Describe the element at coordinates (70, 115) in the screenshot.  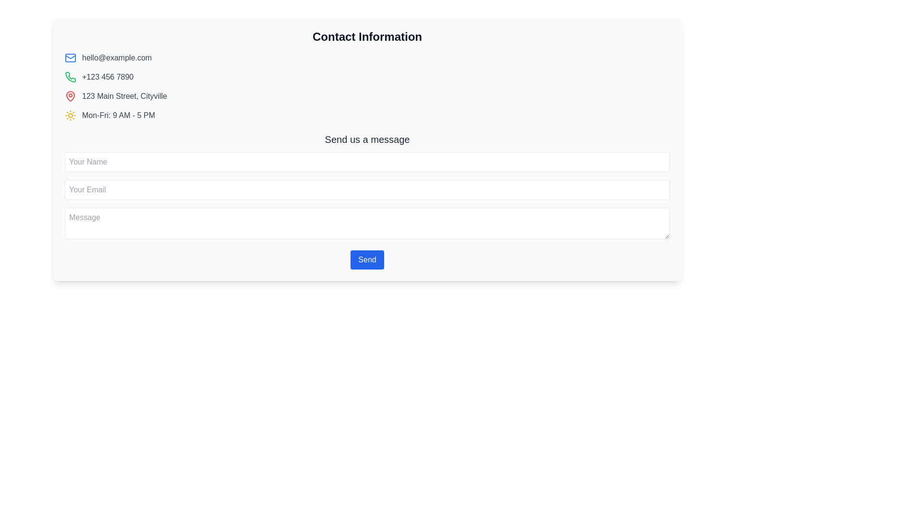
I see `the yellow sun icon, which is the fourth item in the vertically stacked list of icons, located to the left of the text 'Mon-Fri: 9 AM - 5 PM.'` at that location.